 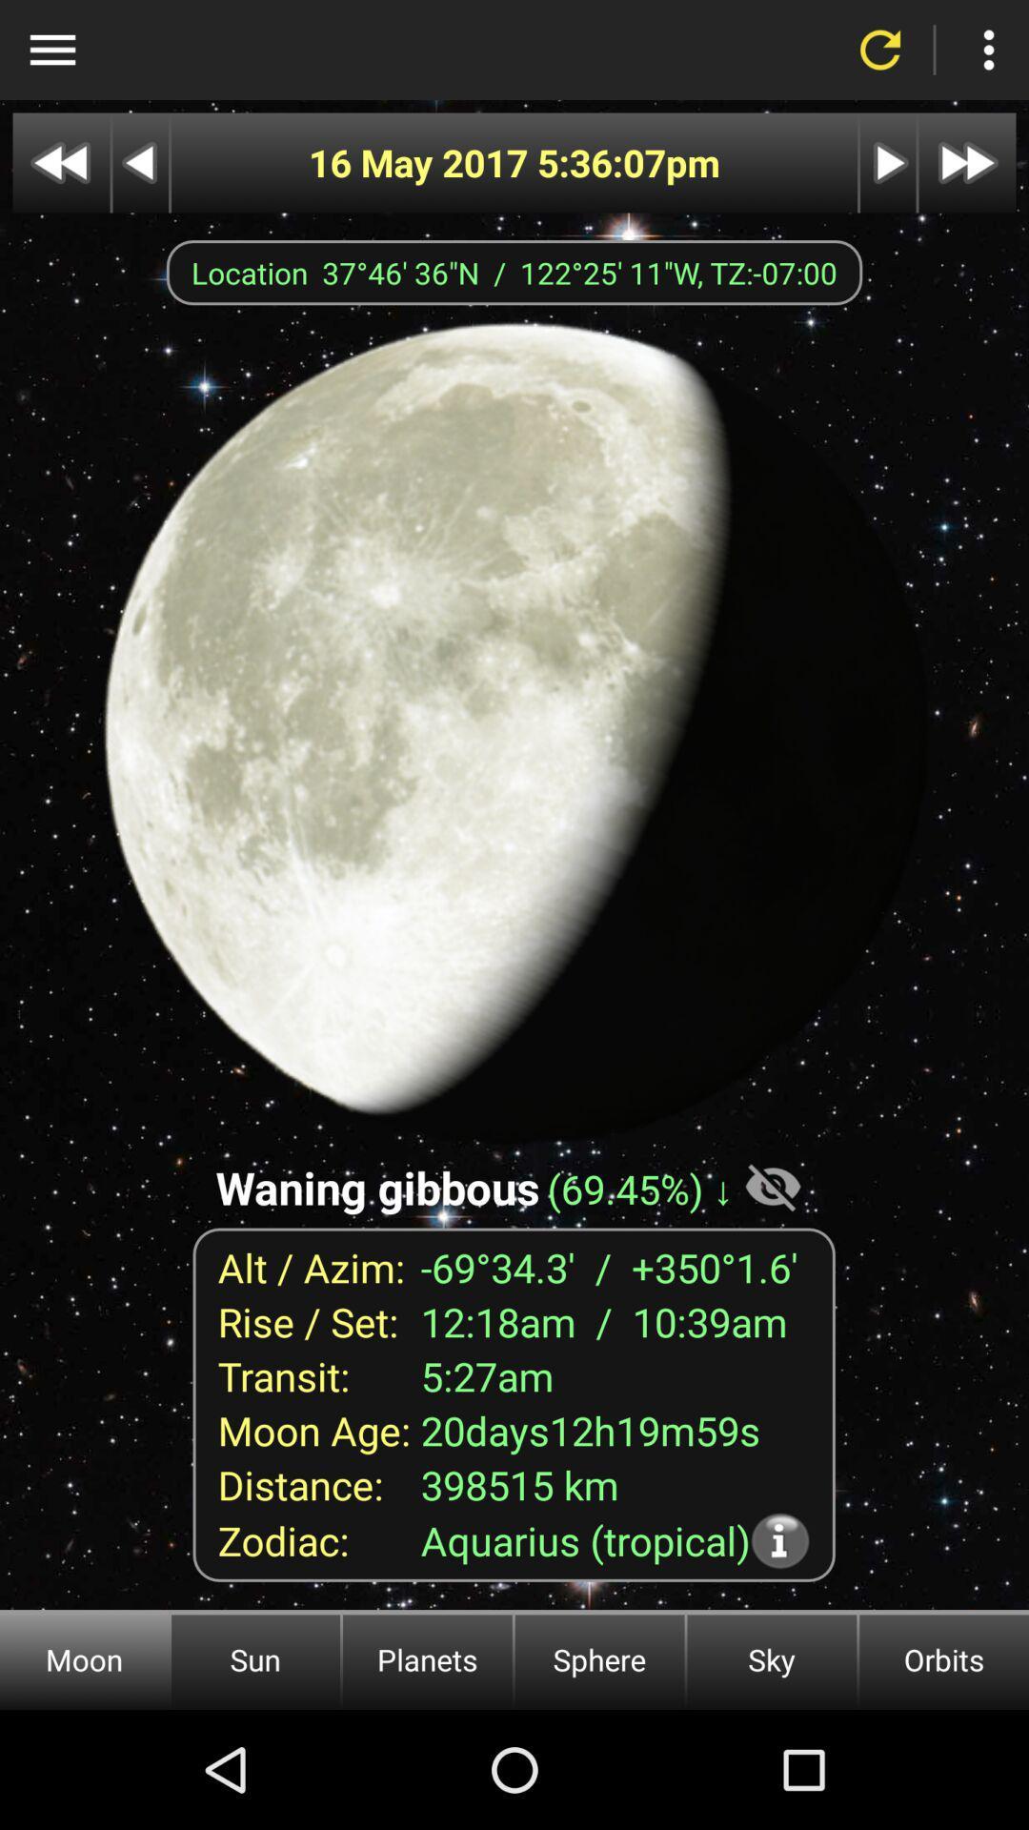 I want to click on the menu icon, so click(x=51, y=50).